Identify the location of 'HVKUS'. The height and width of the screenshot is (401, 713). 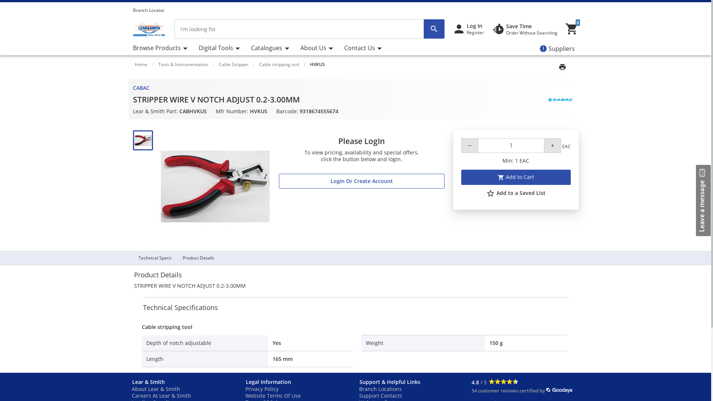
(310, 64).